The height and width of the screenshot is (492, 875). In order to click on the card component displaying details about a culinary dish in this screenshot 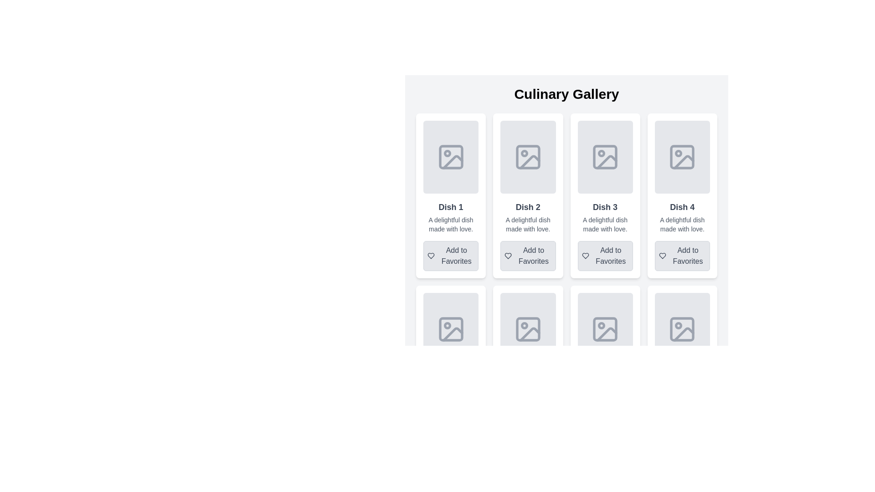, I will do `click(605, 367)`.